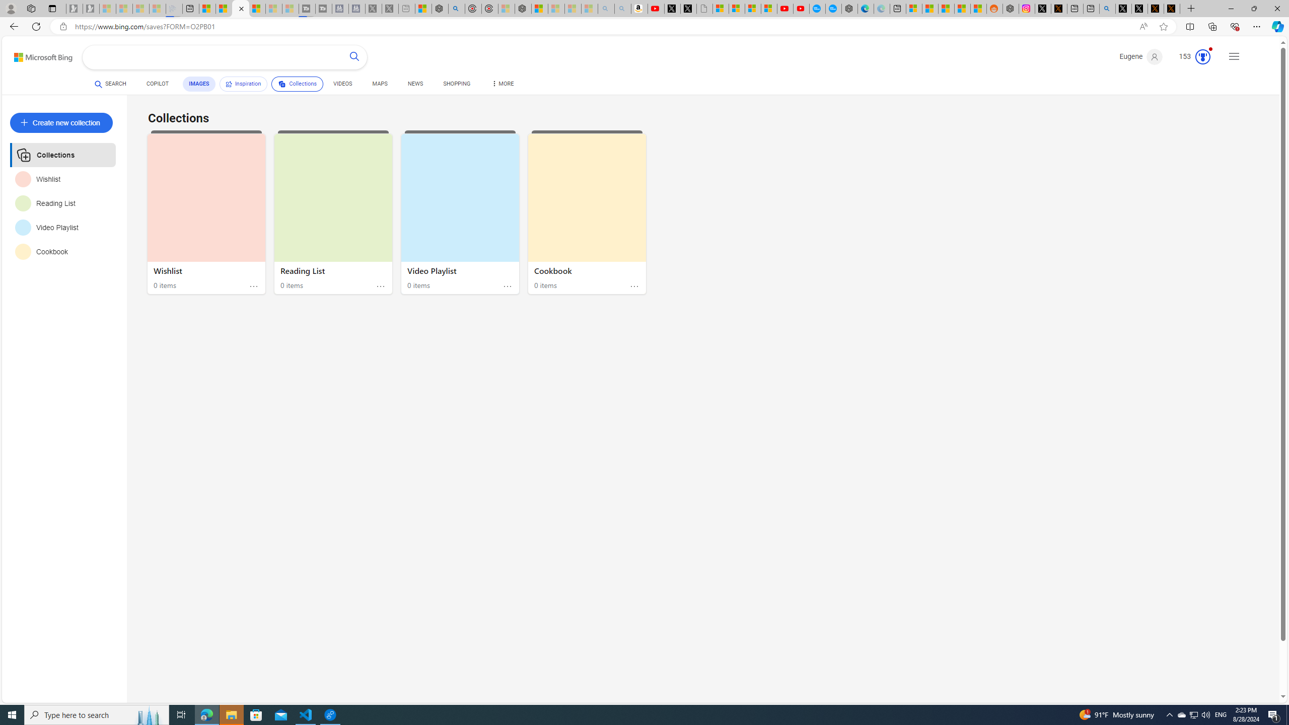  What do you see at coordinates (1202, 56) in the screenshot?
I see `'Class: medal-circled'` at bounding box center [1202, 56].